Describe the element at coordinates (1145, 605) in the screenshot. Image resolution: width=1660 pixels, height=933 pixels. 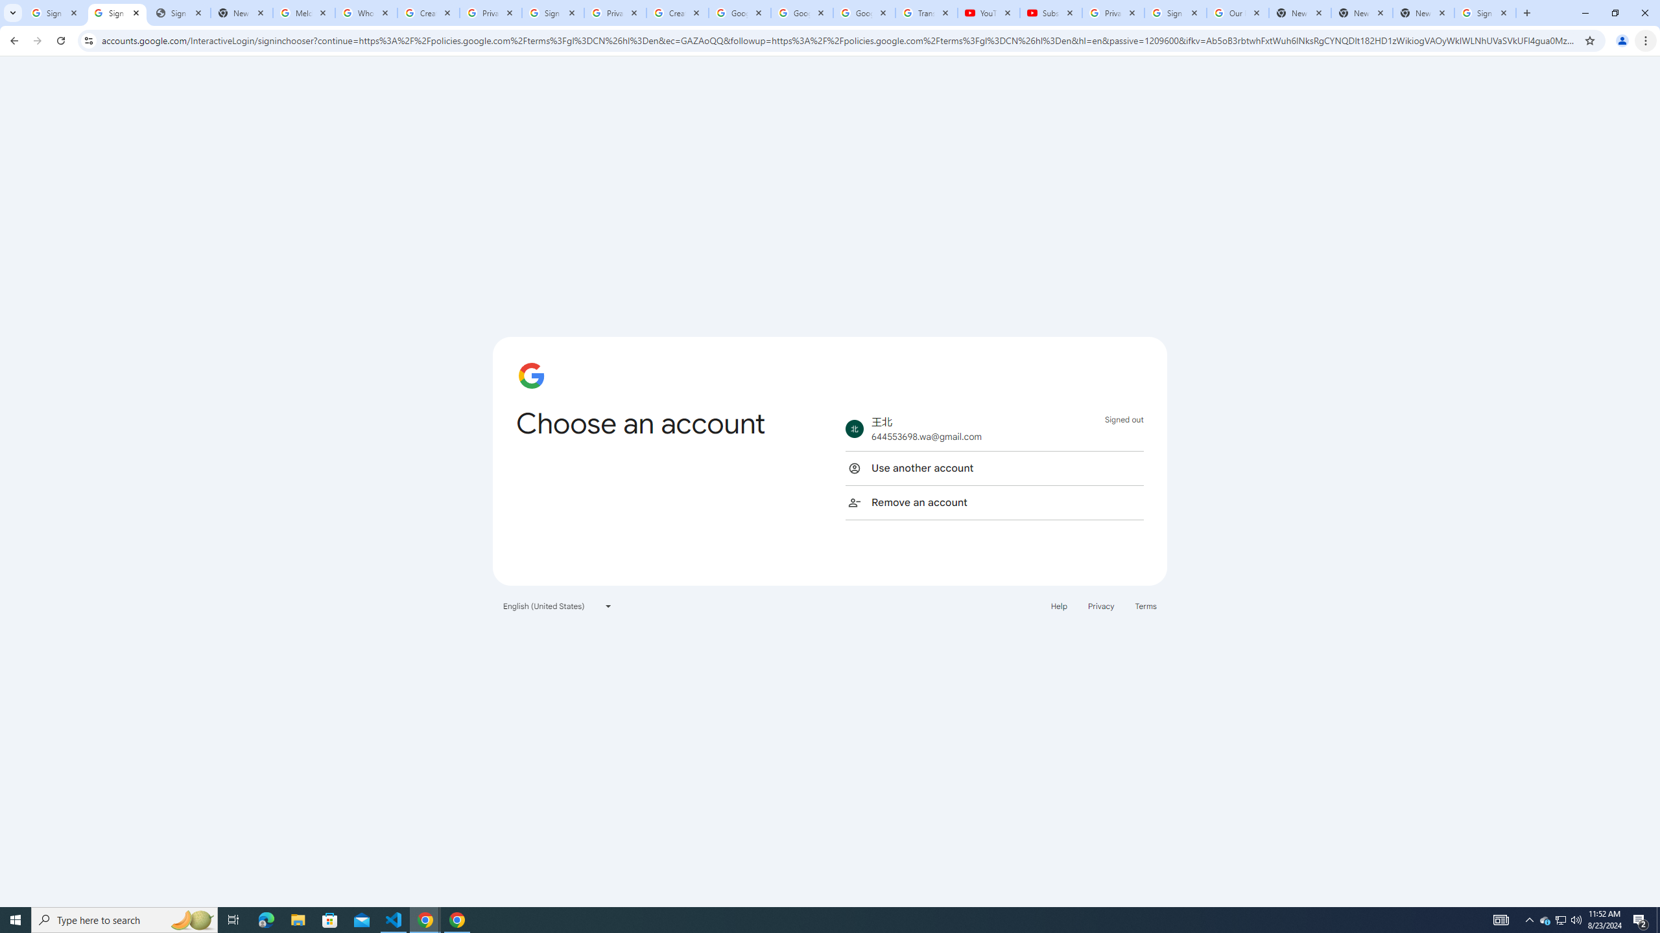
I see `'Terms'` at that location.